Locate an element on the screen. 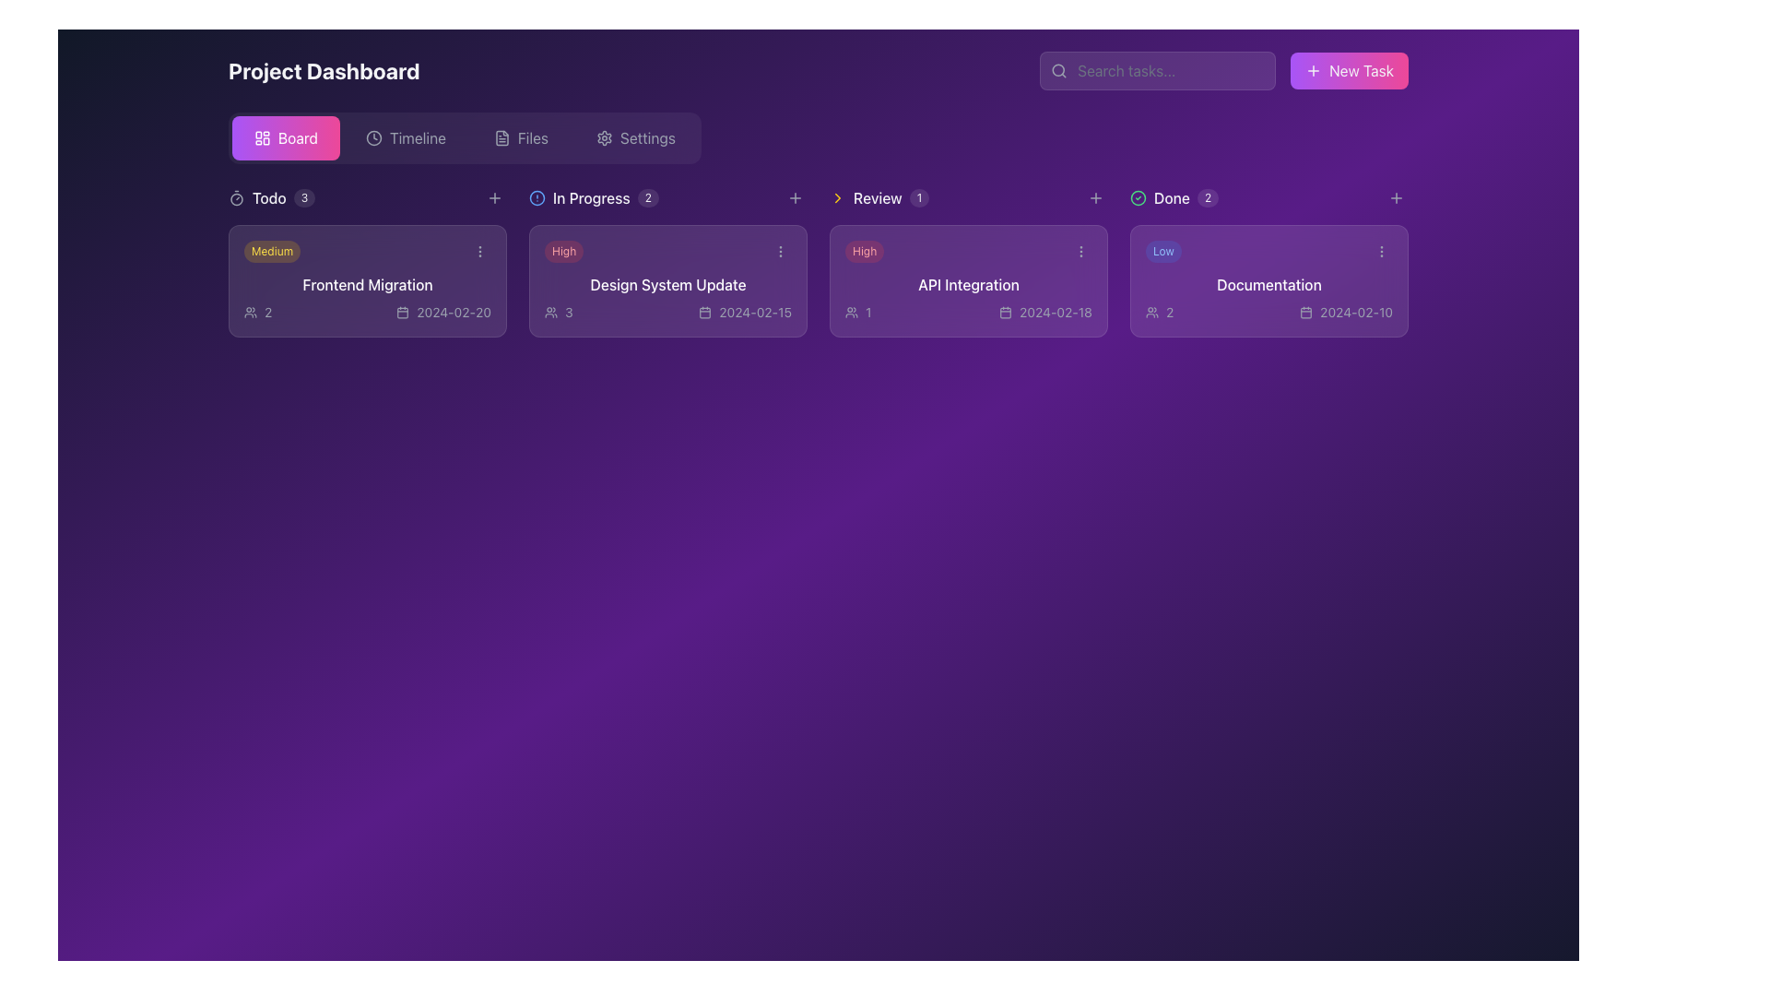  the text label reading 'Frontend Migration', which is styled in white color with a medium-sized, bold font, located in the 'To Do' section of a kanban-style board is located at coordinates (367, 284).